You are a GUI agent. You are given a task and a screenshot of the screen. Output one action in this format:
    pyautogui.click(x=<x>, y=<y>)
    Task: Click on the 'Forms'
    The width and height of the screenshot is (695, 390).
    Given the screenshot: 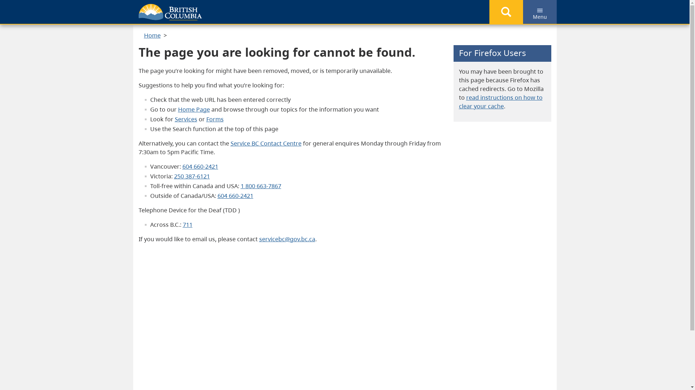 What is the action you would take?
    pyautogui.click(x=215, y=119)
    